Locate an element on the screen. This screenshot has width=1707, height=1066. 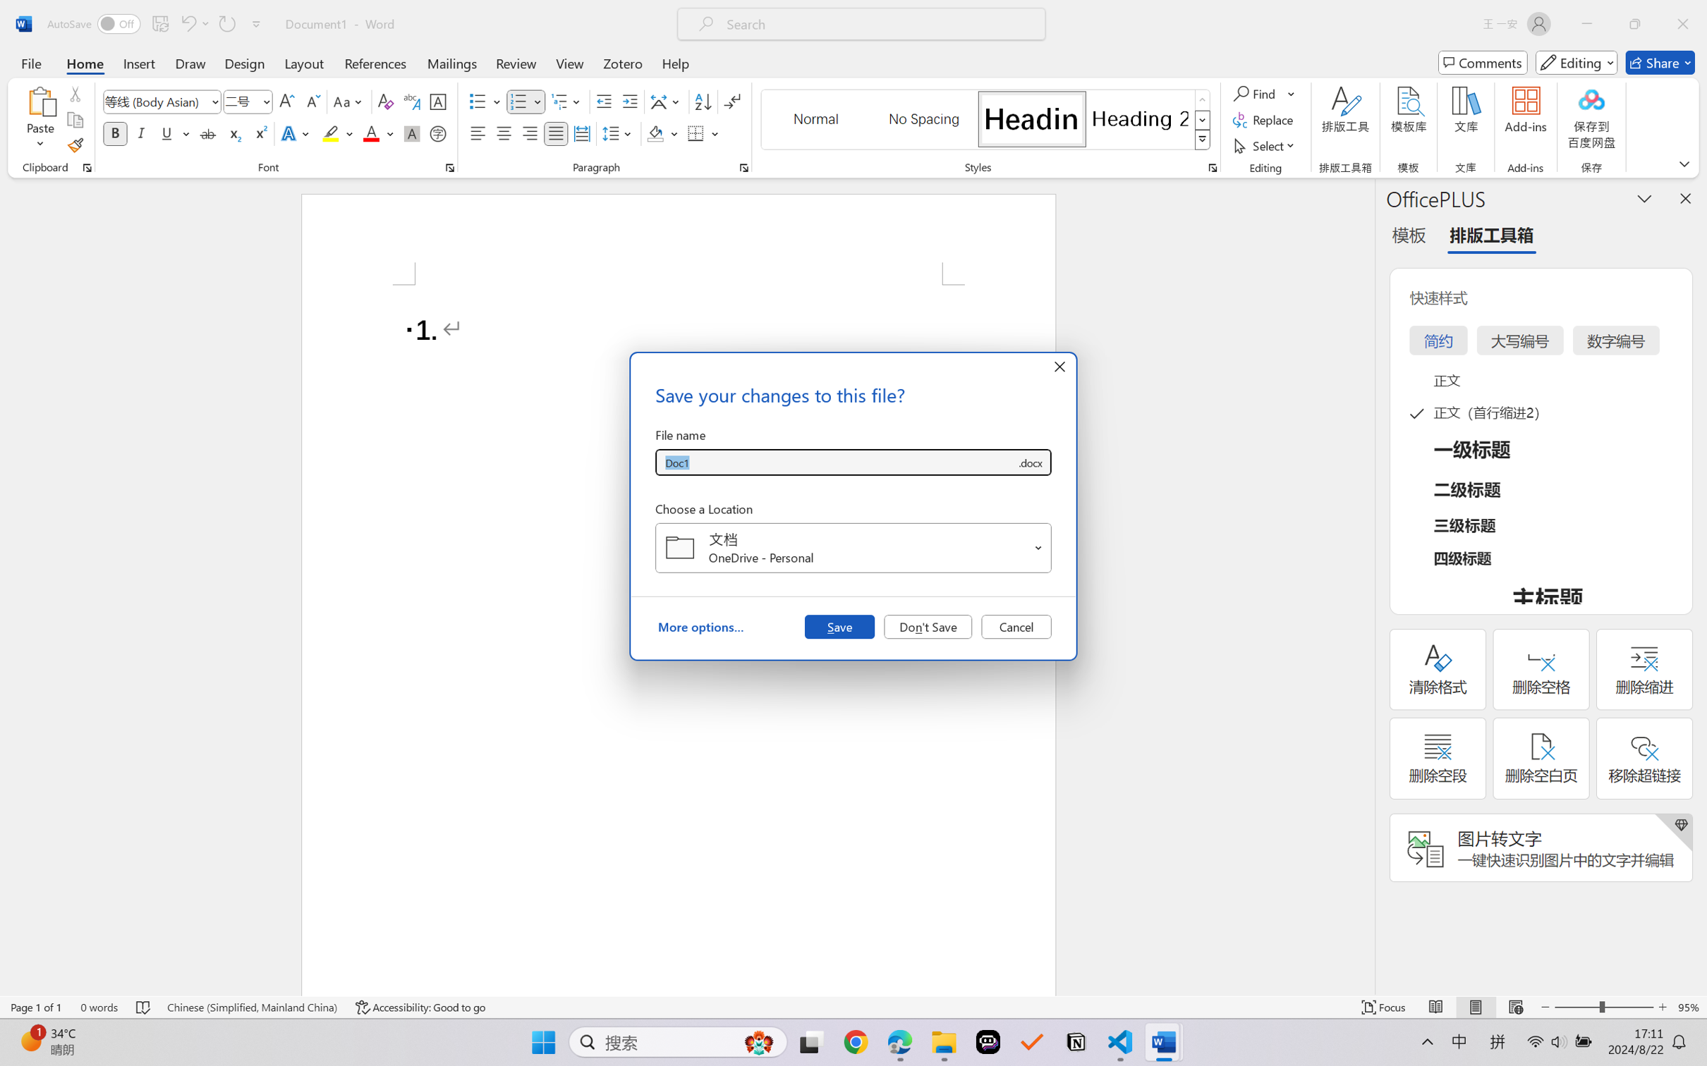
'Google Chrome' is located at coordinates (856, 1042).